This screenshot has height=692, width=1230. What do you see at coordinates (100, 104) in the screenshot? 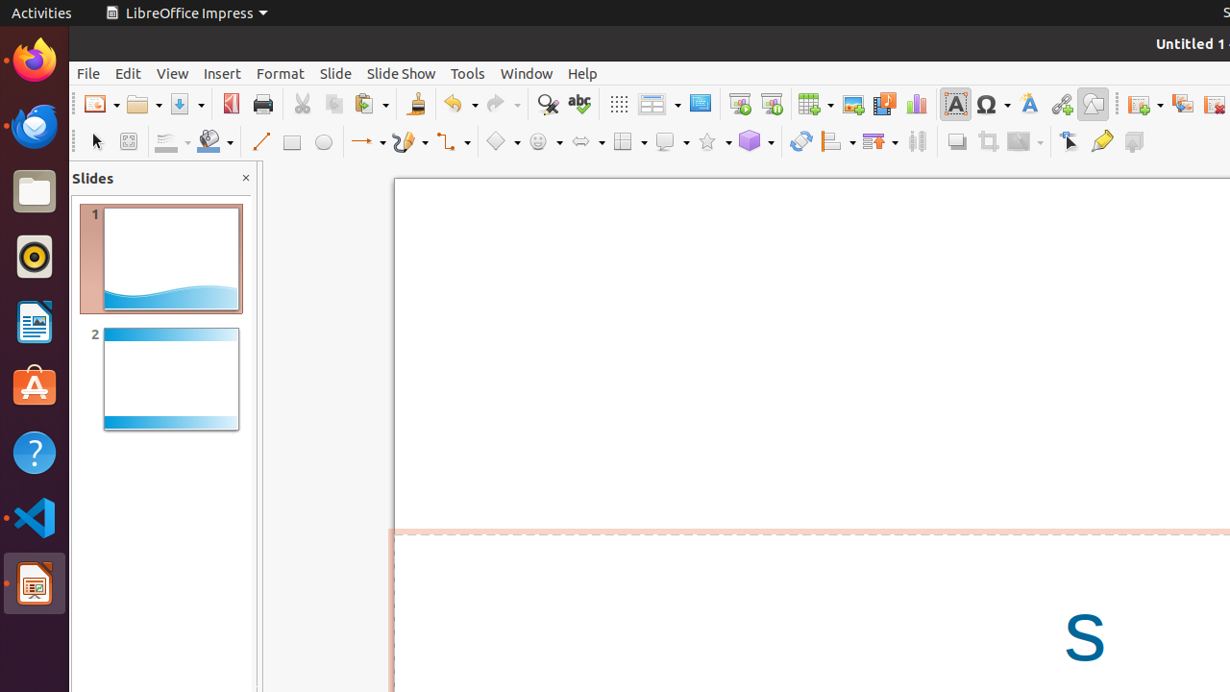
I see `'New'` at bounding box center [100, 104].